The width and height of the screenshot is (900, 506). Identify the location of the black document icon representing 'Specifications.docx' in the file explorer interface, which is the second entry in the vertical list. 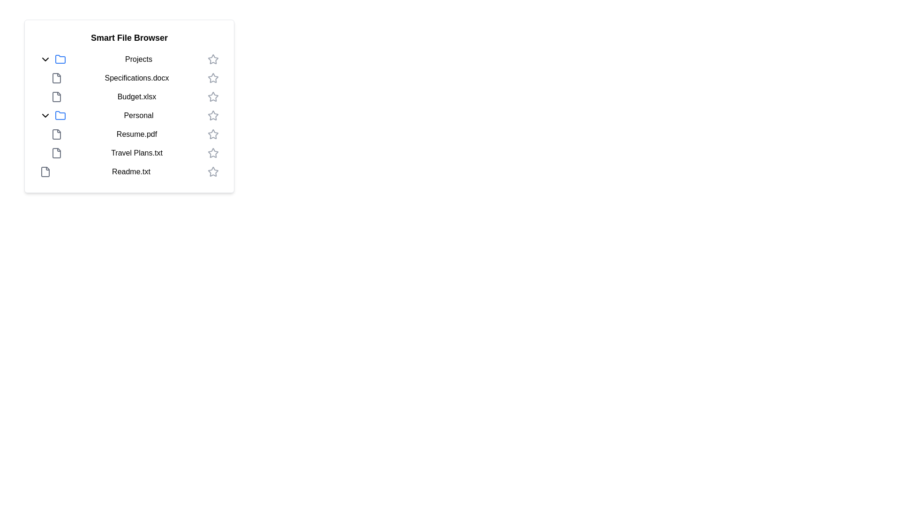
(56, 77).